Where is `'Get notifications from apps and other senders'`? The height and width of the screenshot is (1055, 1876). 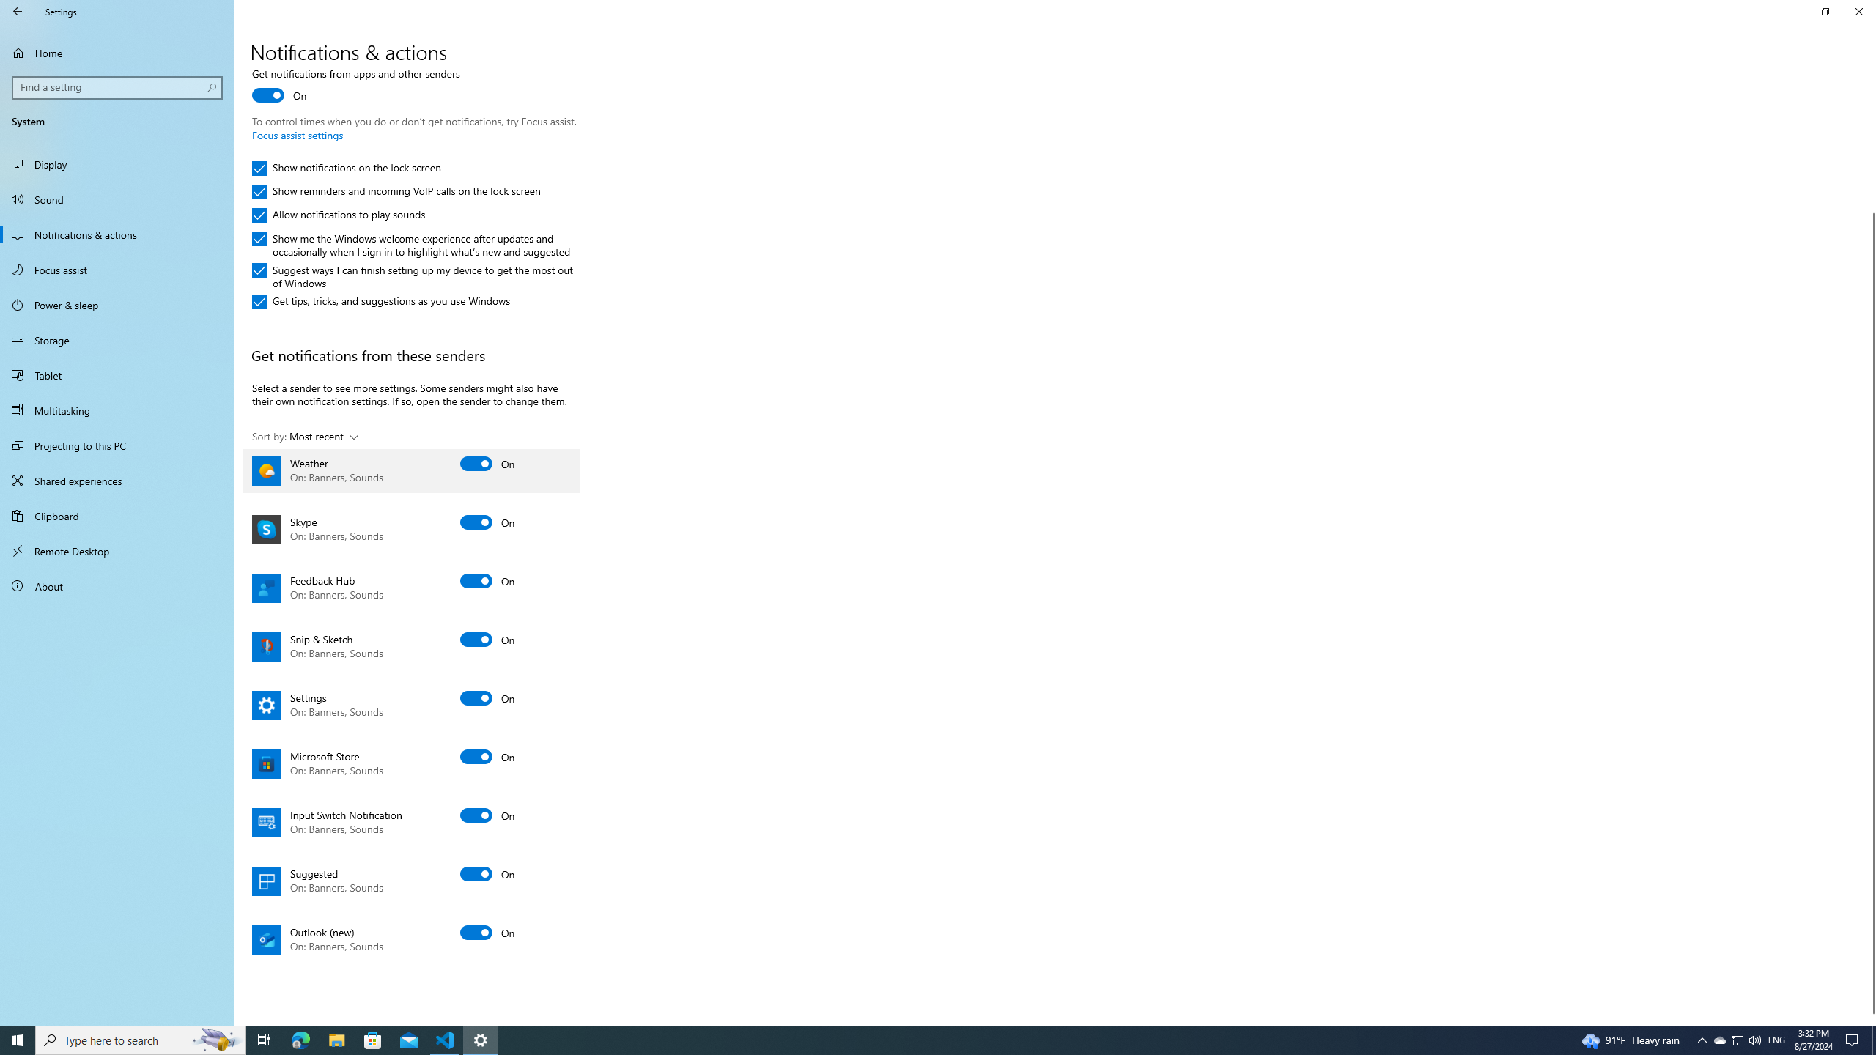 'Get notifications from apps and other senders' is located at coordinates (355, 86).